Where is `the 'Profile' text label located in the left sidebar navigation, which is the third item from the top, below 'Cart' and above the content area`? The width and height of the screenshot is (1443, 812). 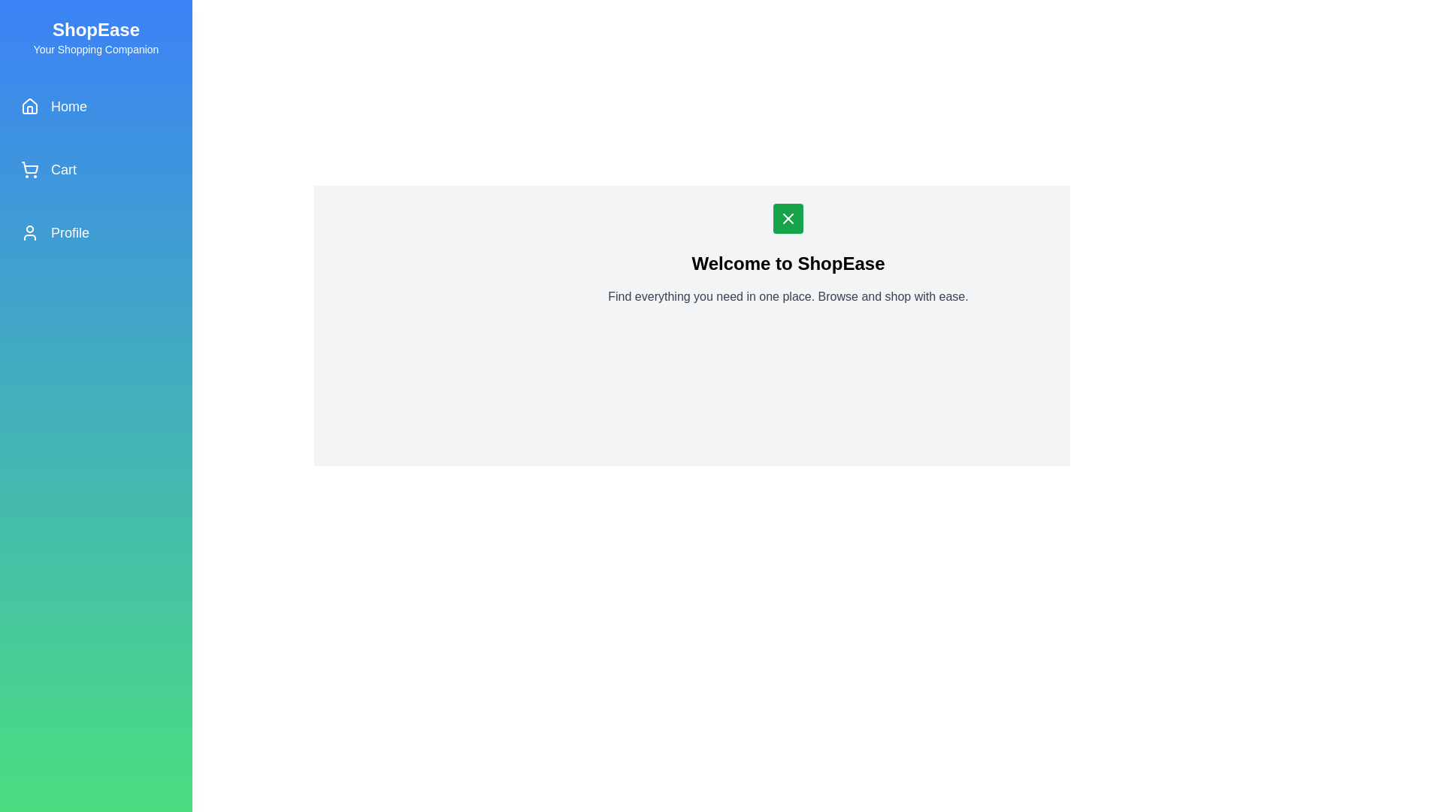 the 'Profile' text label located in the left sidebar navigation, which is the third item from the top, below 'Cart' and above the content area is located at coordinates (69, 232).